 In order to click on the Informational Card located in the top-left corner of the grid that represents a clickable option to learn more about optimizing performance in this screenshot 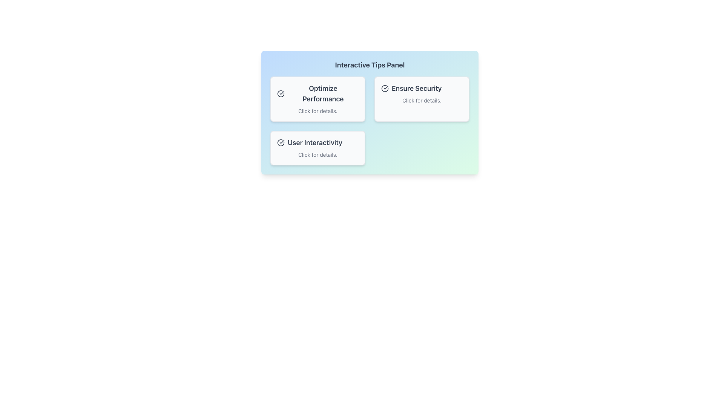, I will do `click(318, 98)`.